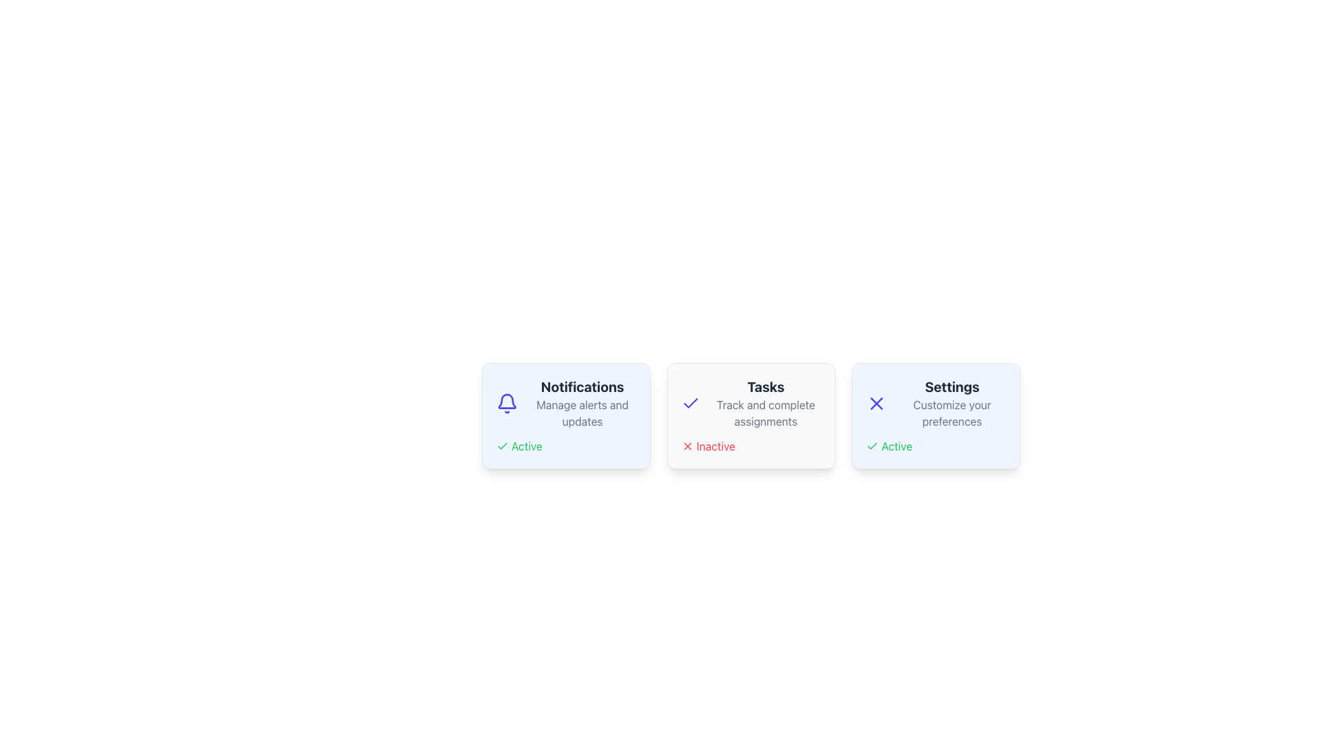 This screenshot has height=744, width=1322. Describe the element at coordinates (691, 403) in the screenshot. I see `the visual state of the checkmark icon indicating task status, located to the left within the 'Tasks' card` at that location.